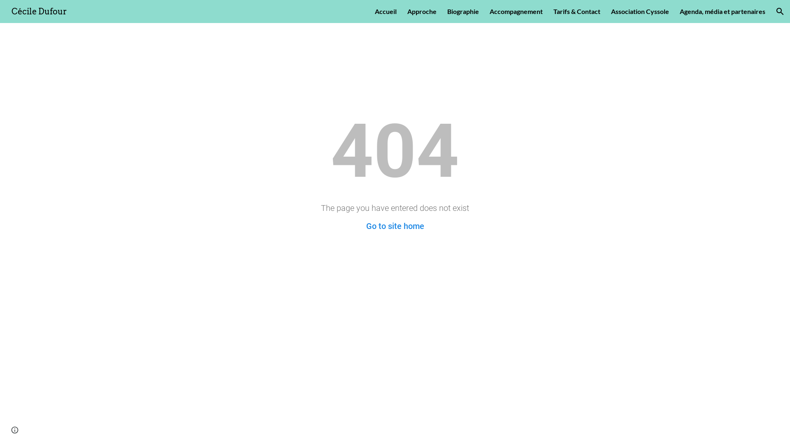 Image resolution: width=790 pixels, height=444 pixels. What do you see at coordinates (576, 11) in the screenshot?
I see `'Tarifs & Contact'` at bounding box center [576, 11].